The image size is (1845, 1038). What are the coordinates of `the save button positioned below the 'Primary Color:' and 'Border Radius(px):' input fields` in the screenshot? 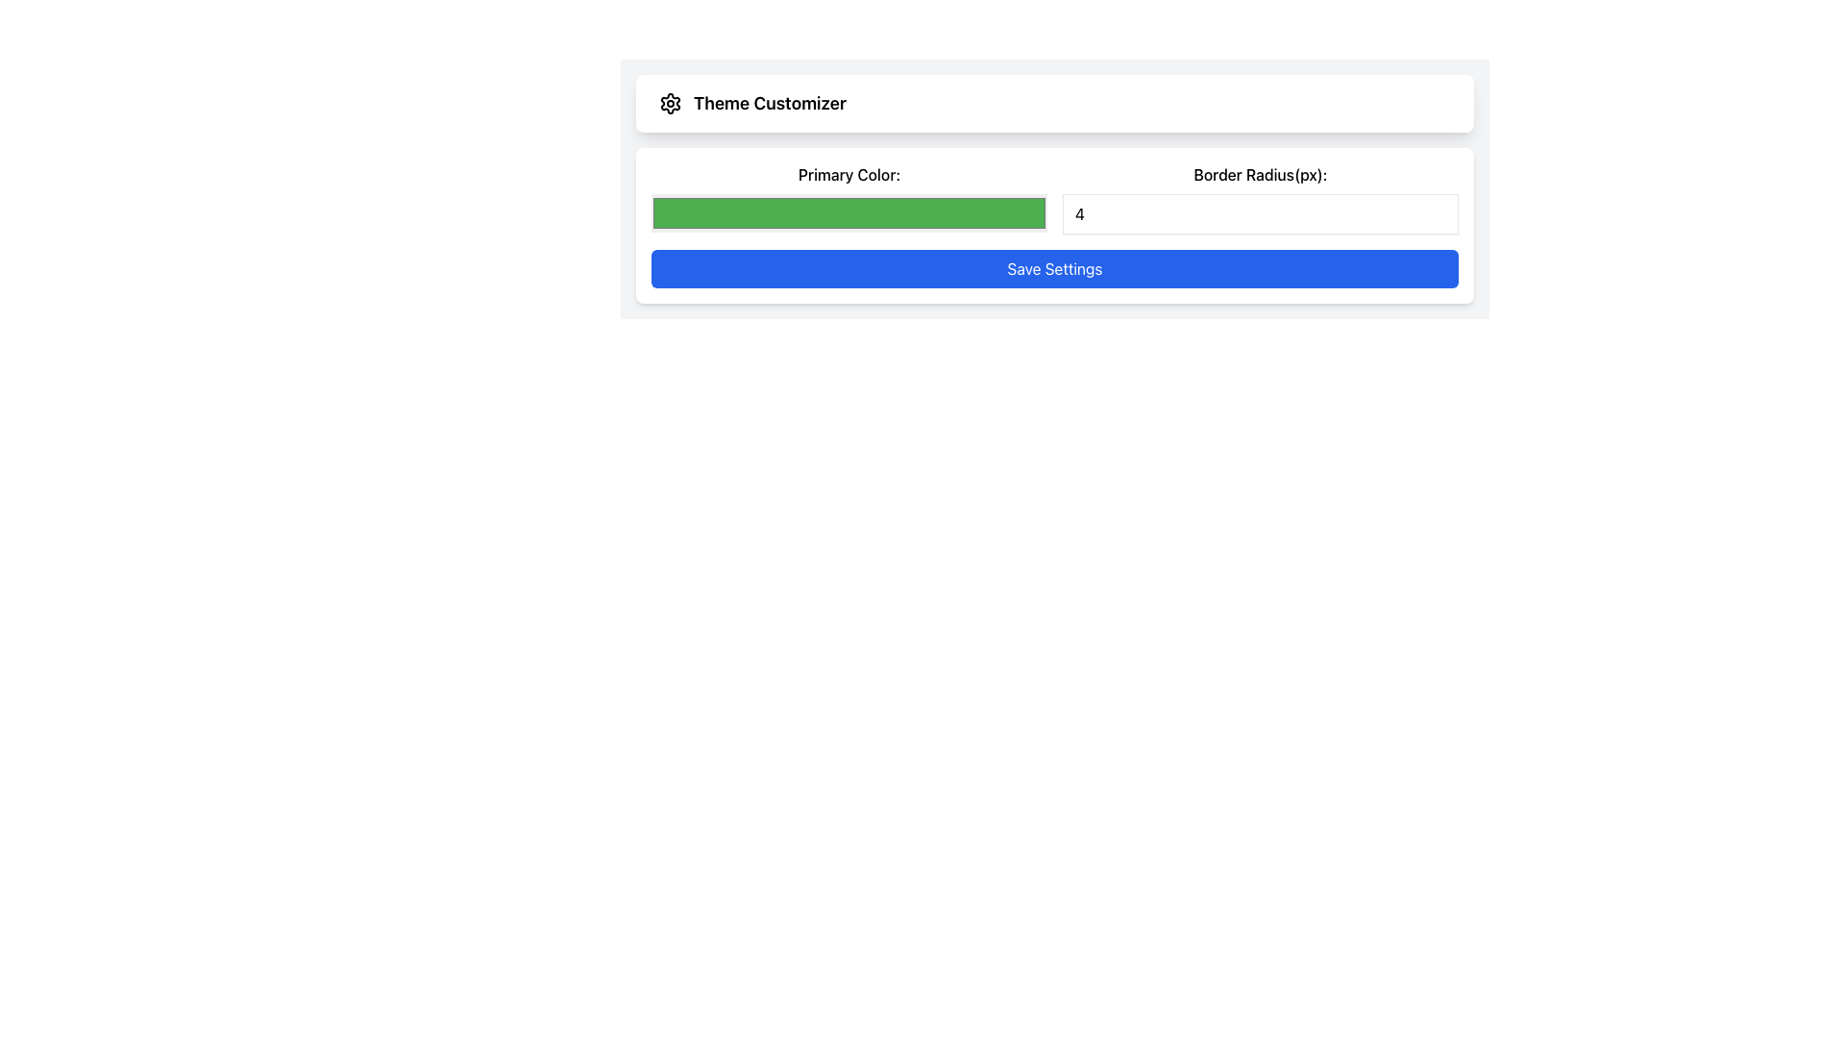 It's located at (1054, 269).